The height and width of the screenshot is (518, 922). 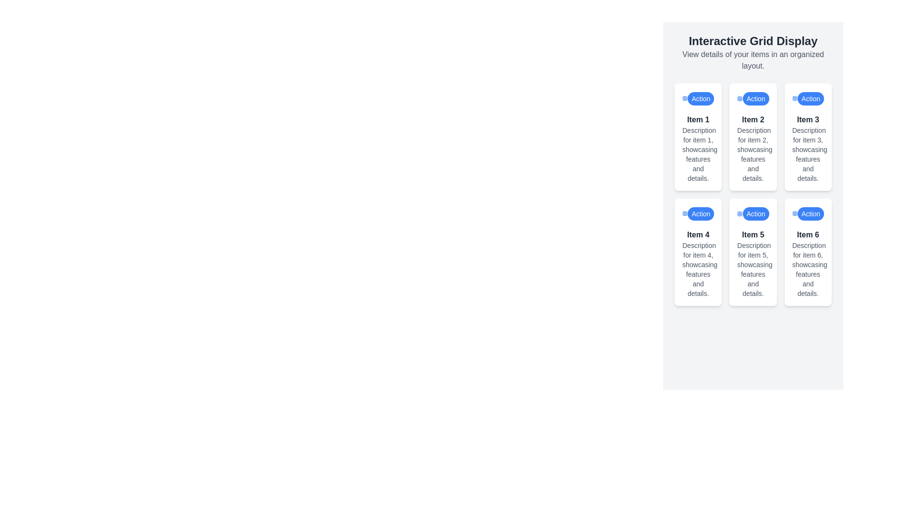 I want to click on the text label in the second row and second column of the card that identifies the item, which is positioned above the description text 'Description for item 5, showcasing features and details.', so click(x=752, y=235).